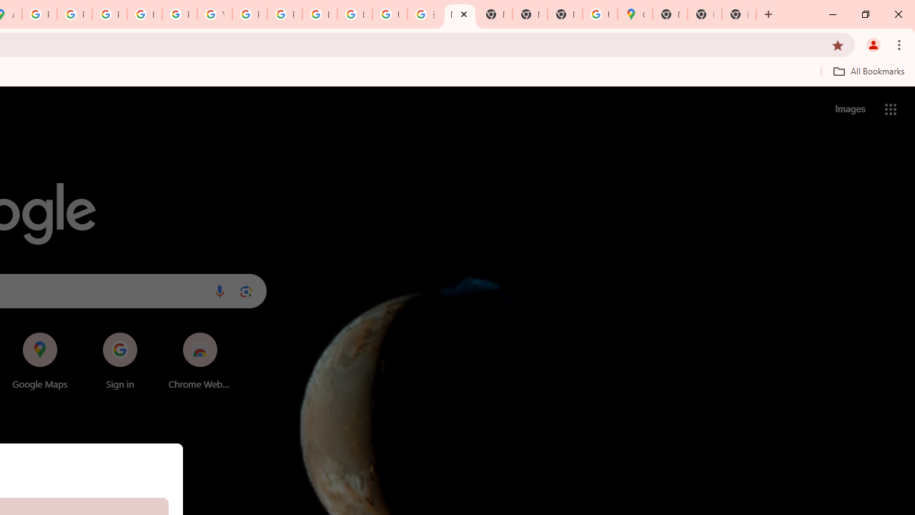  Describe the element at coordinates (74, 14) in the screenshot. I see `'Privacy Help Center - Policies Help'` at that location.